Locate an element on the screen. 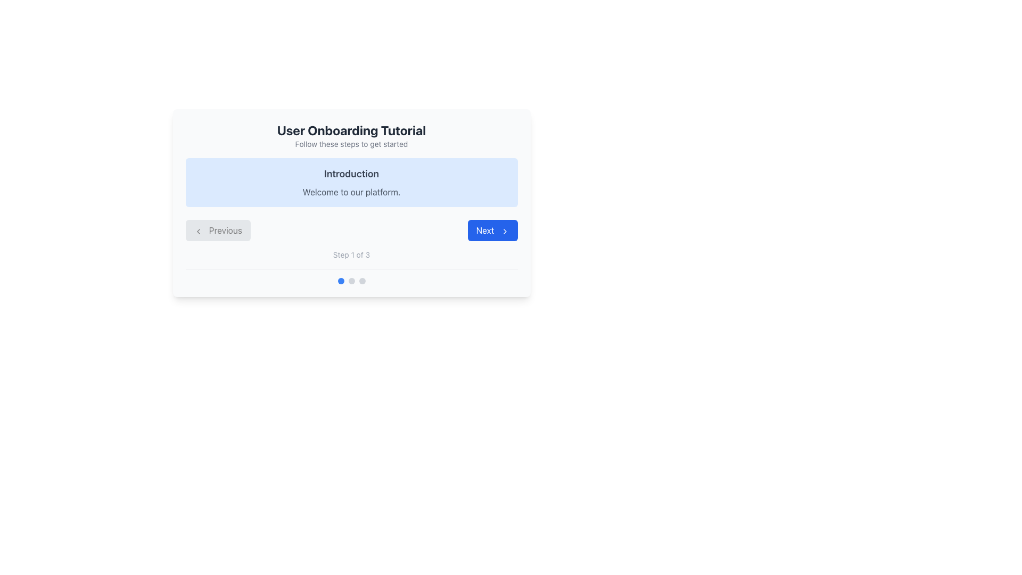  the main title text element for the user onboarding tutorial page, which serves as an introduction to subsequent content is located at coordinates (351, 130).